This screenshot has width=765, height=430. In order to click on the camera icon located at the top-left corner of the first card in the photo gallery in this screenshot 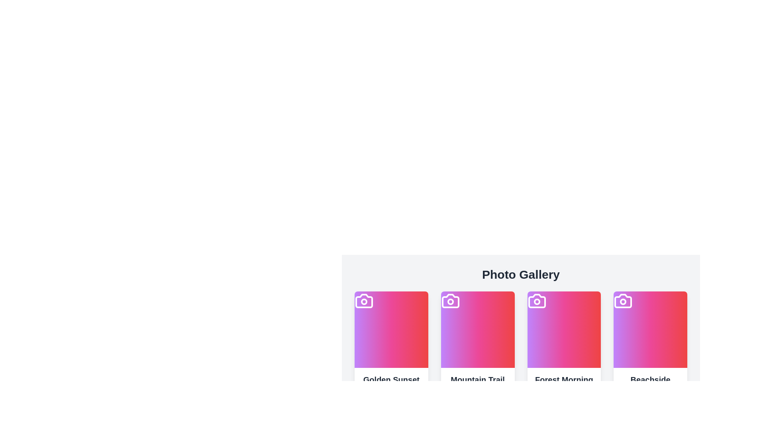, I will do `click(363, 301)`.